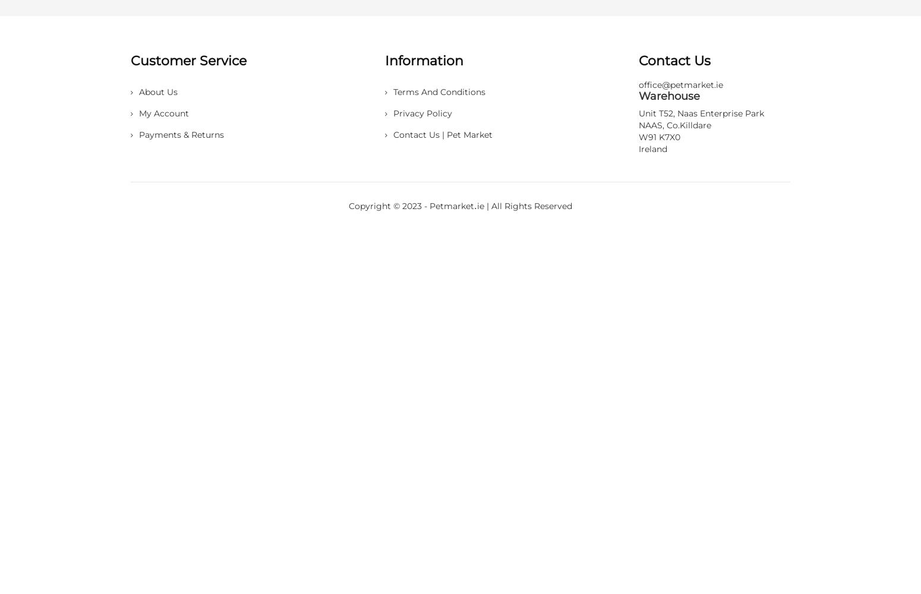  What do you see at coordinates (188, 59) in the screenshot?
I see `'Customer Service'` at bounding box center [188, 59].